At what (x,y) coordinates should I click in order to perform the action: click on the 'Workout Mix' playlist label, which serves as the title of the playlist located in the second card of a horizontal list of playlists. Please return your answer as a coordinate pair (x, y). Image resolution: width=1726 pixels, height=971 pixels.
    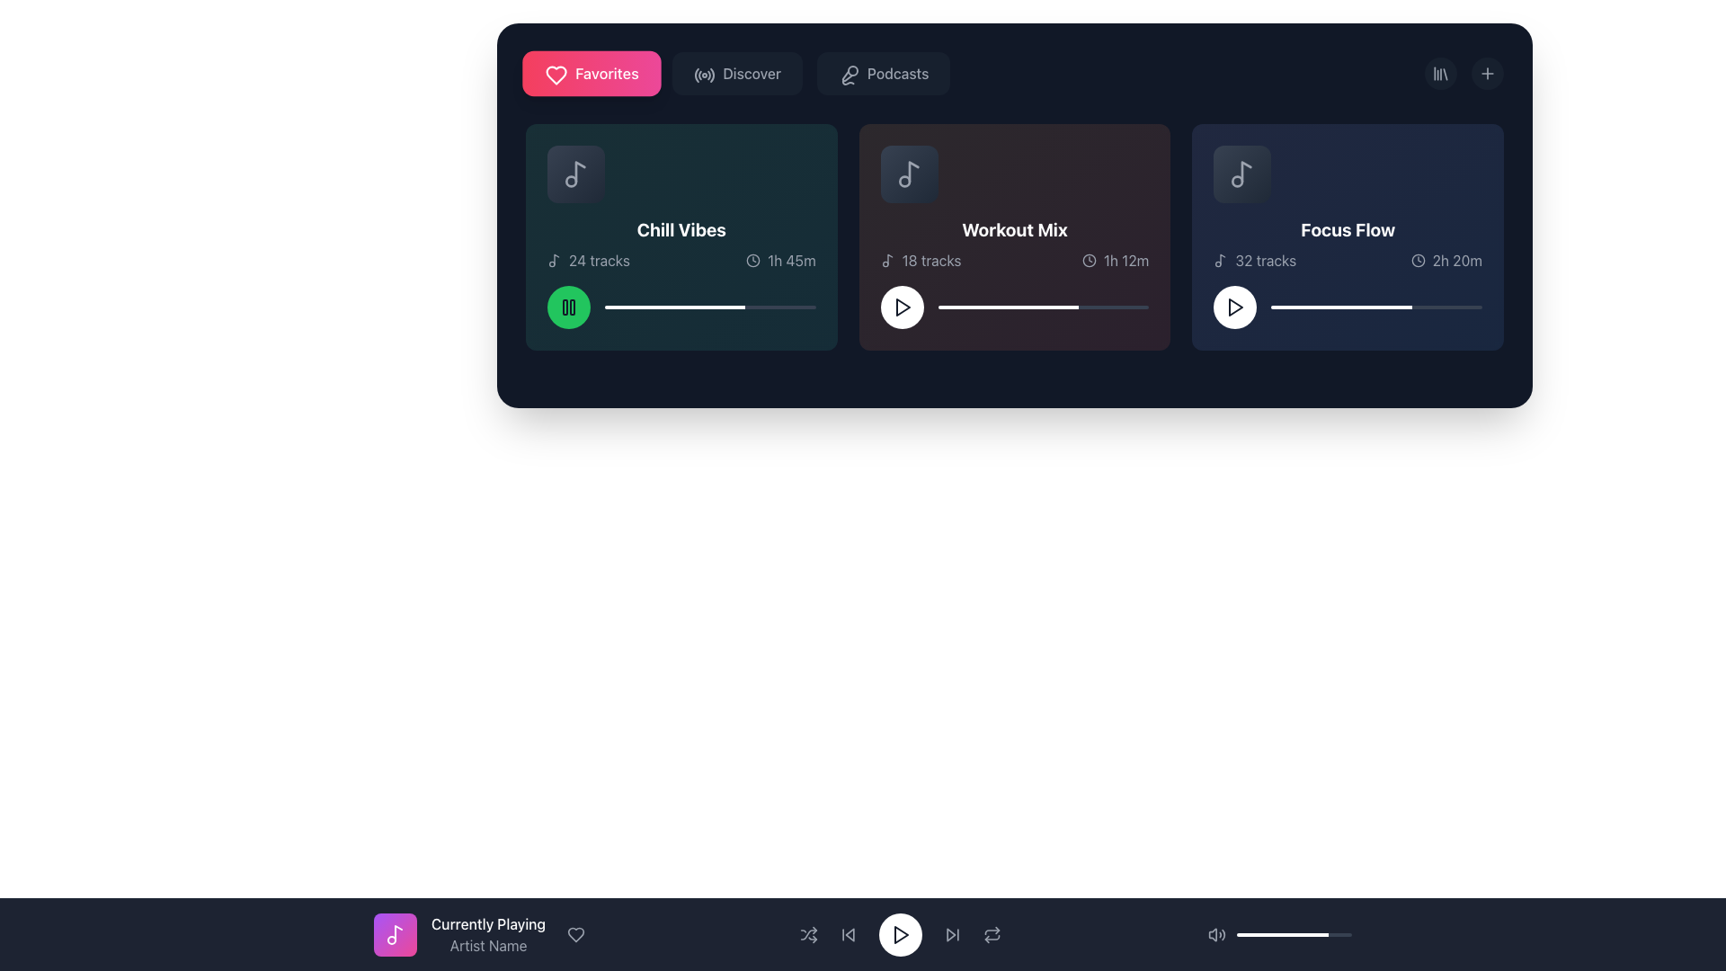
    Looking at the image, I should click on (1014, 228).